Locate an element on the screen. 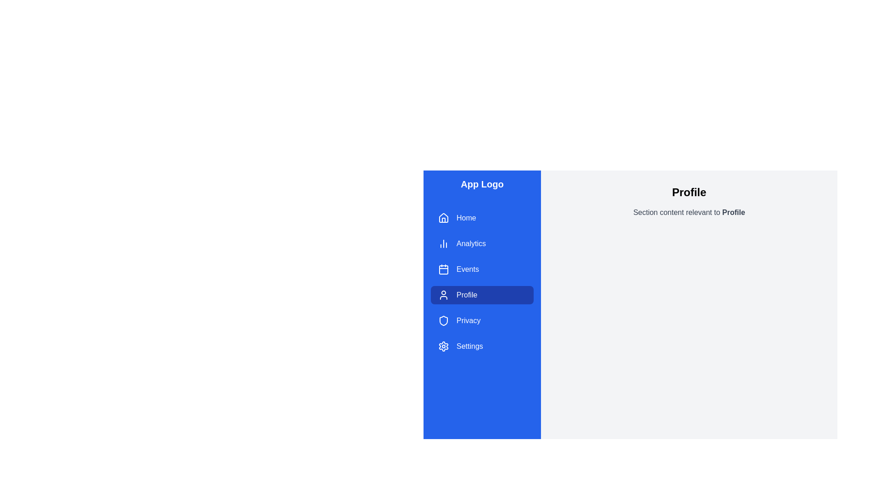  the 'Events' menu item in the navigation bar is located at coordinates (482, 269).